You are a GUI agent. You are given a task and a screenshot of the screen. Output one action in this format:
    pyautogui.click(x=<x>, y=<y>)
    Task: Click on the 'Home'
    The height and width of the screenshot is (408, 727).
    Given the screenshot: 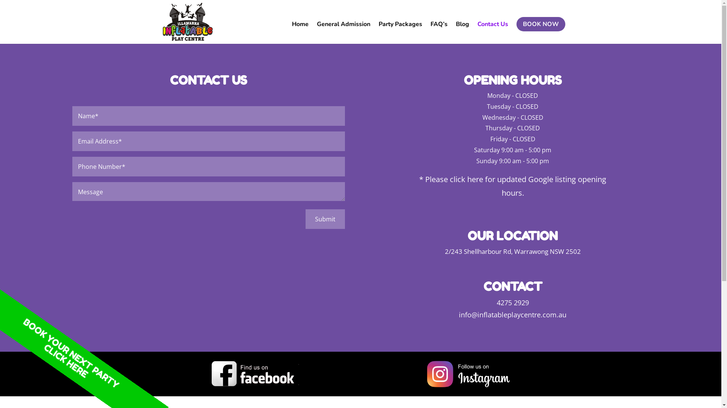 What is the action you would take?
    pyautogui.click(x=300, y=32)
    